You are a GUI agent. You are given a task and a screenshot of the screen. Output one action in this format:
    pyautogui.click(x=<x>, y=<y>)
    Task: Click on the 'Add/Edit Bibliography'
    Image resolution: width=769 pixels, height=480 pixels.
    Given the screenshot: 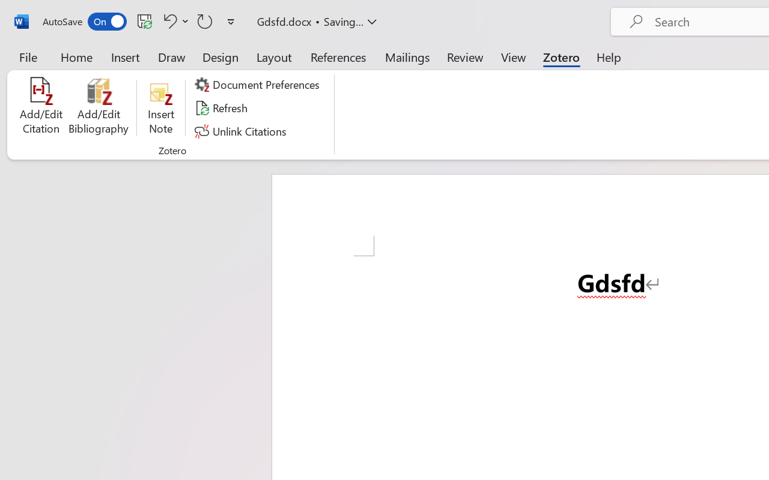 What is the action you would take?
    pyautogui.click(x=99, y=107)
    